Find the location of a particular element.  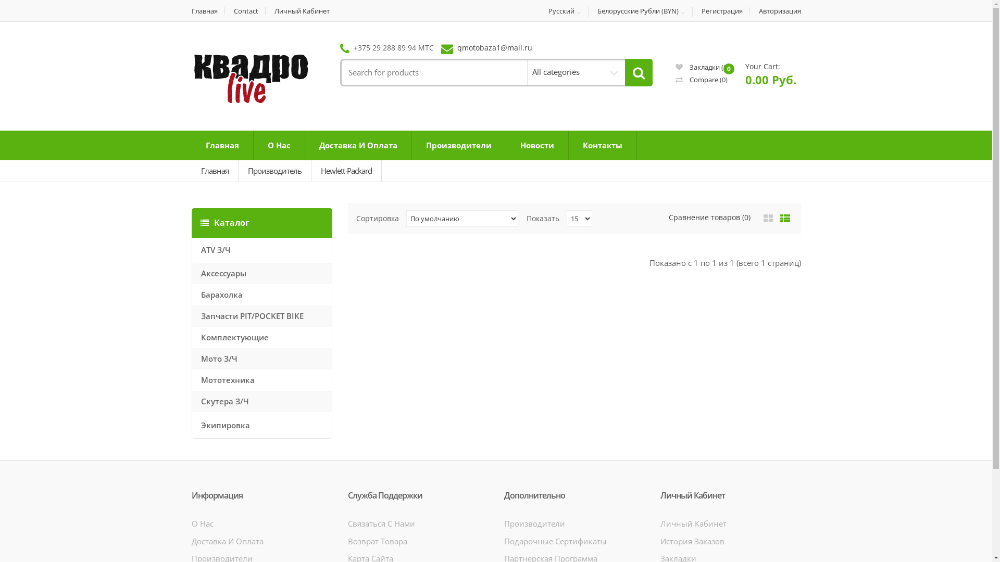

'Hewlett-Packard' is located at coordinates (346, 170).